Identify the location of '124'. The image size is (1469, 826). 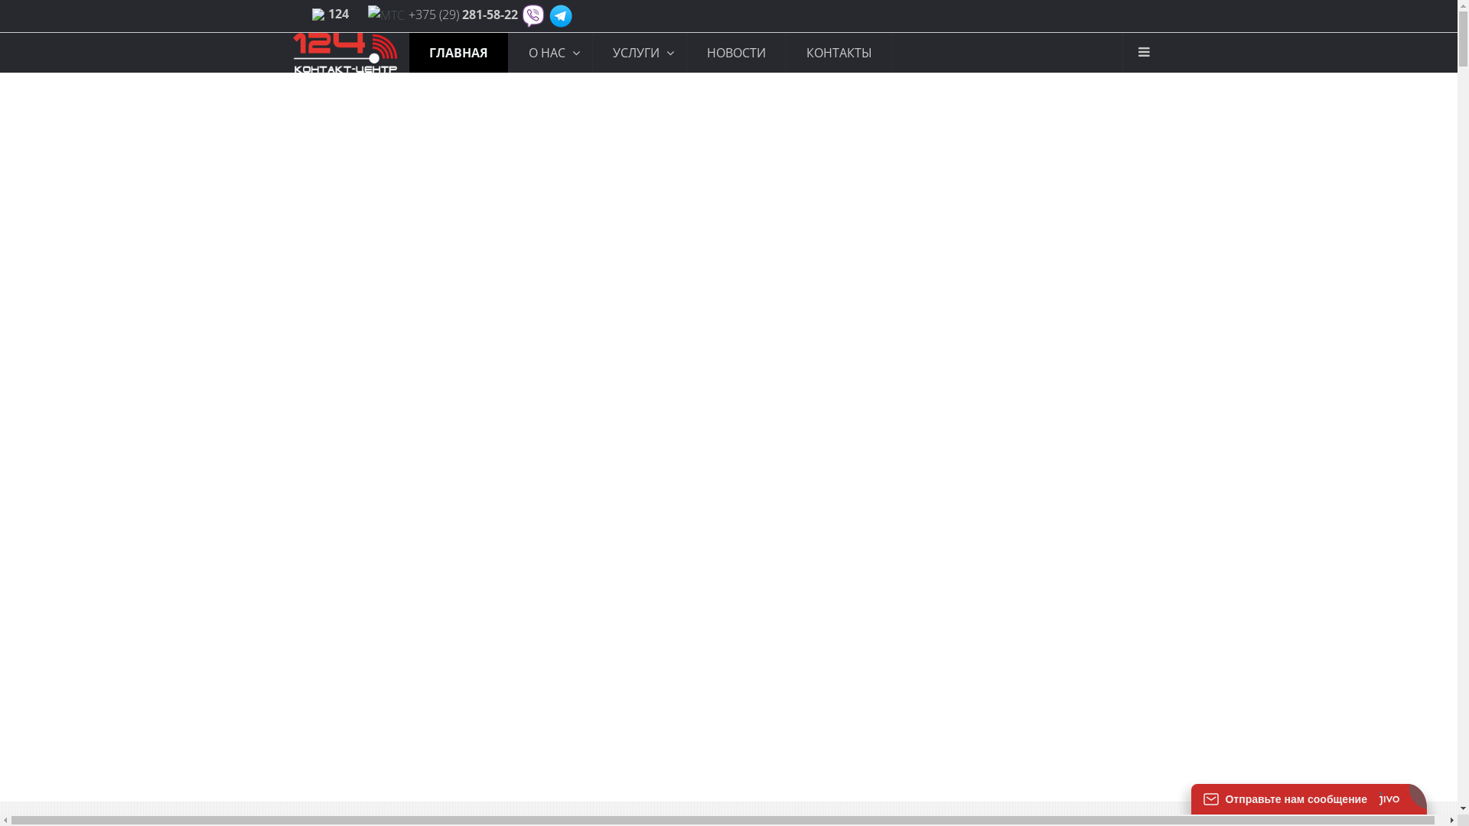
(337, 14).